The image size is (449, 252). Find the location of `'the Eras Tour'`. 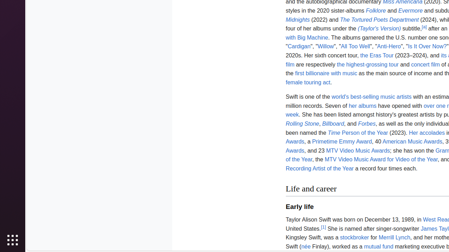

'the Eras Tour' is located at coordinates (376, 55).